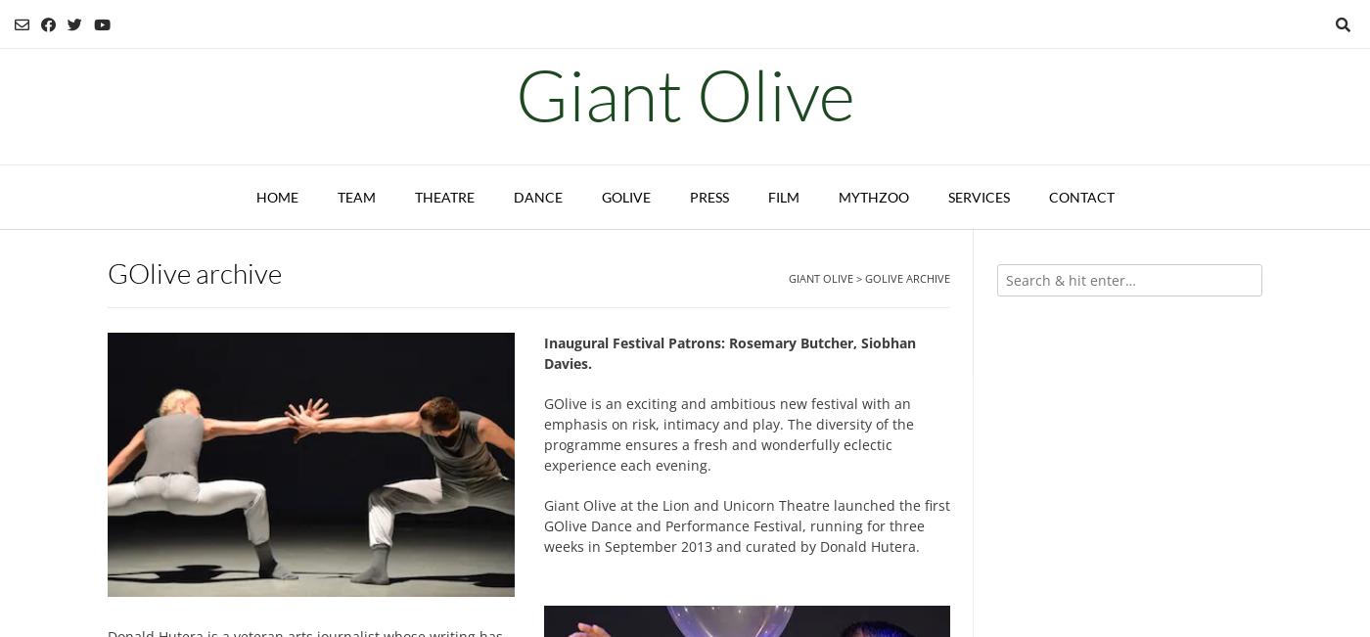 The image size is (1370, 637). I want to click on 'Services', so click(977, 196).